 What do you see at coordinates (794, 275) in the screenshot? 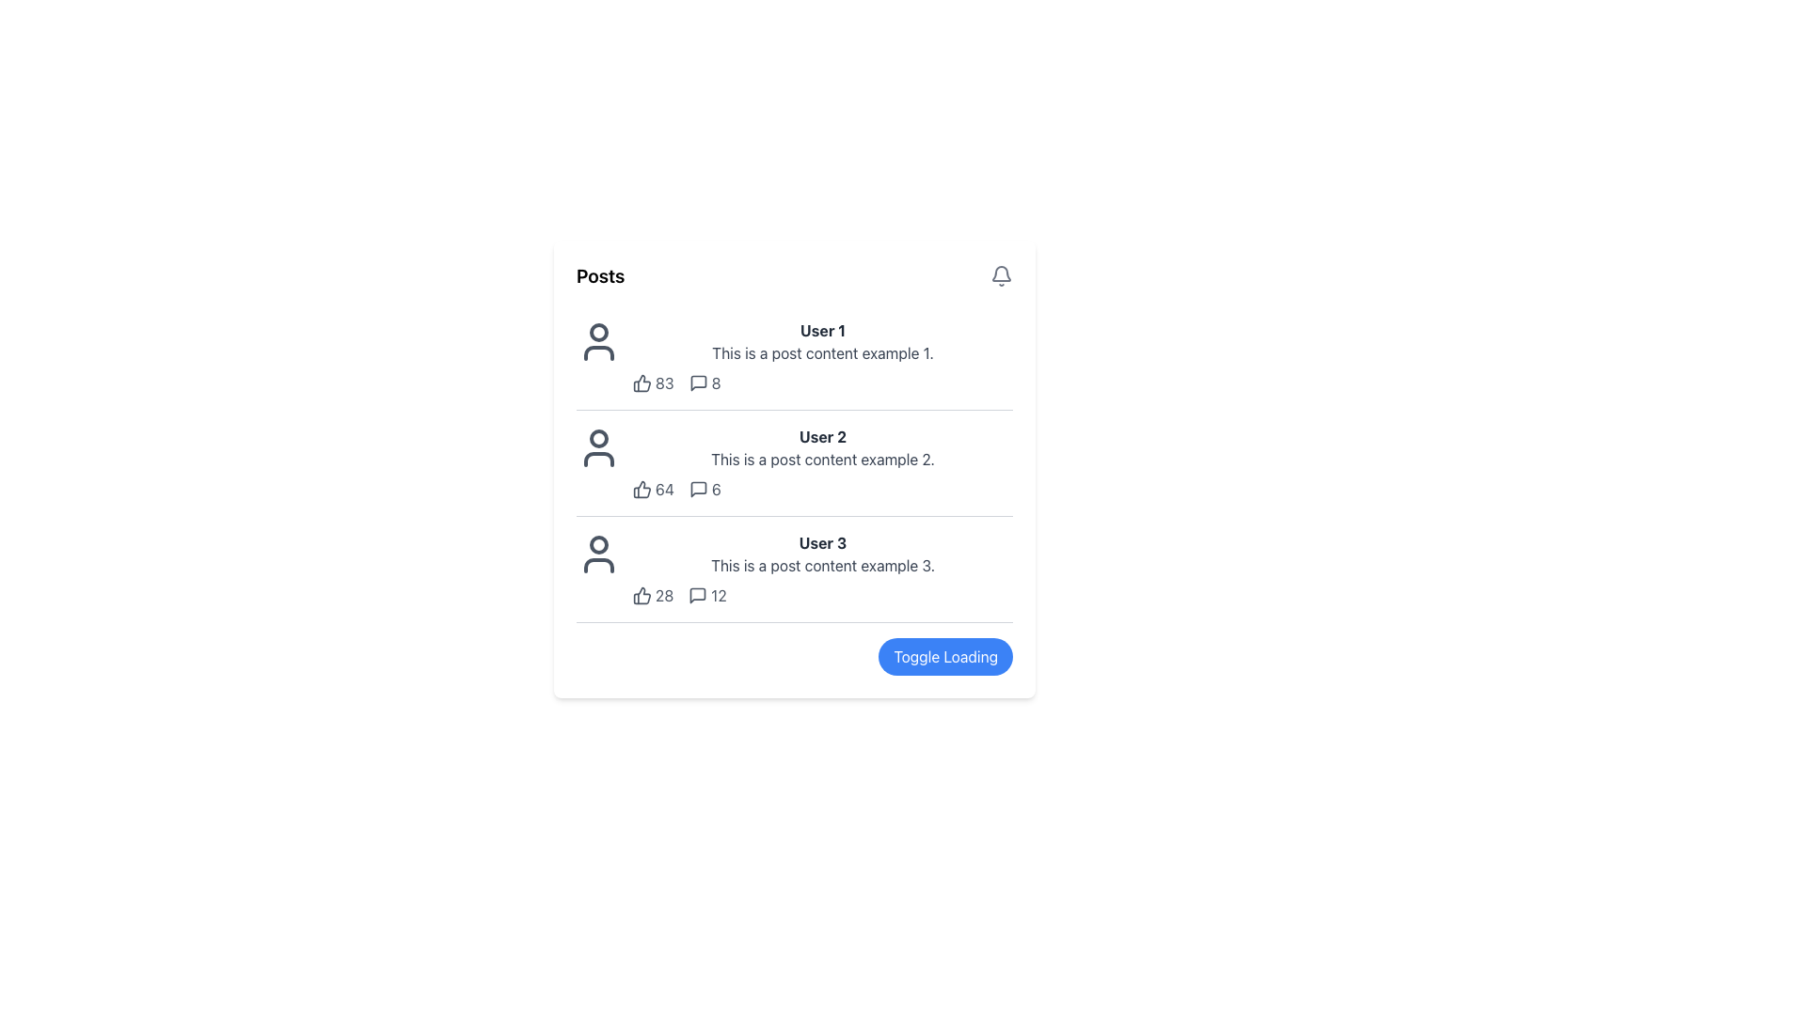
I see `the Header with icon at the top of the Posts page, which serves as the title and notification section` at bounding box center [794, 275].